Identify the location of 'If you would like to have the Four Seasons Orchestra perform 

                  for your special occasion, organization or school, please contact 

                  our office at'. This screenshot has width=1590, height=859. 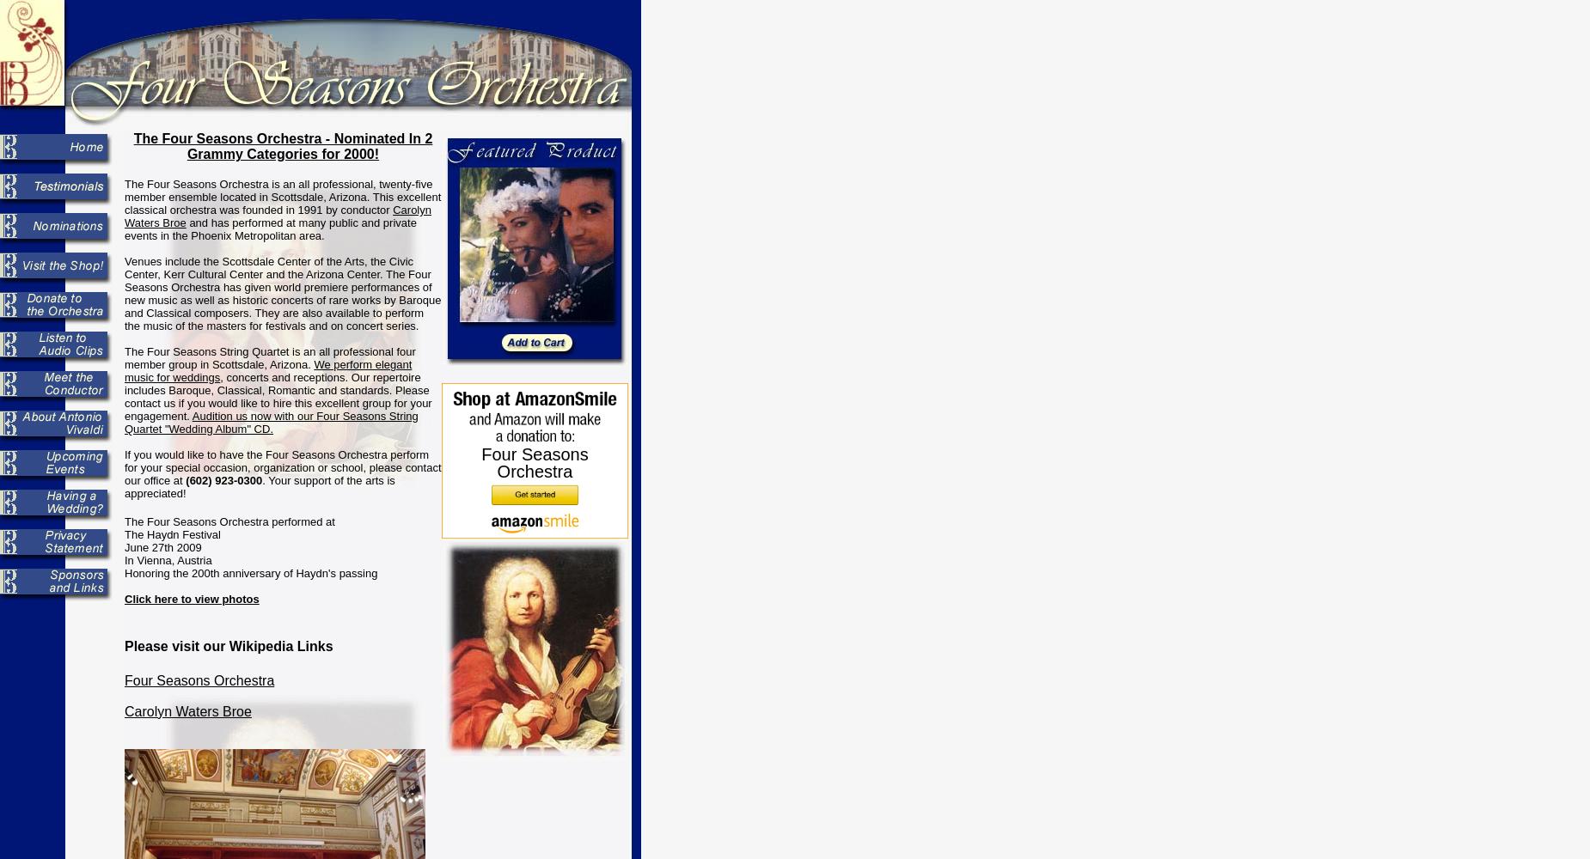
(124, 467).